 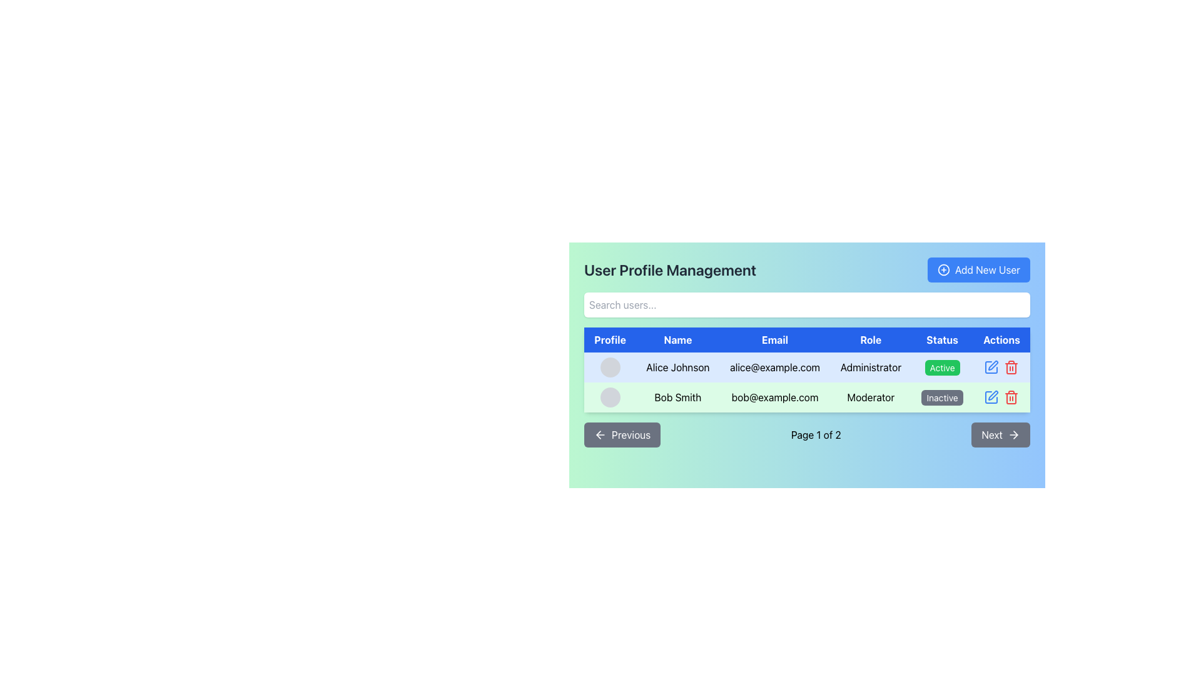 What do you see at coordinates (1001, 397) in the screenshot?
I see `the blue edit icon in the 'Actions' section of the second row corresponding to 'Bob Smith'` at bounding box center [1001, 397].